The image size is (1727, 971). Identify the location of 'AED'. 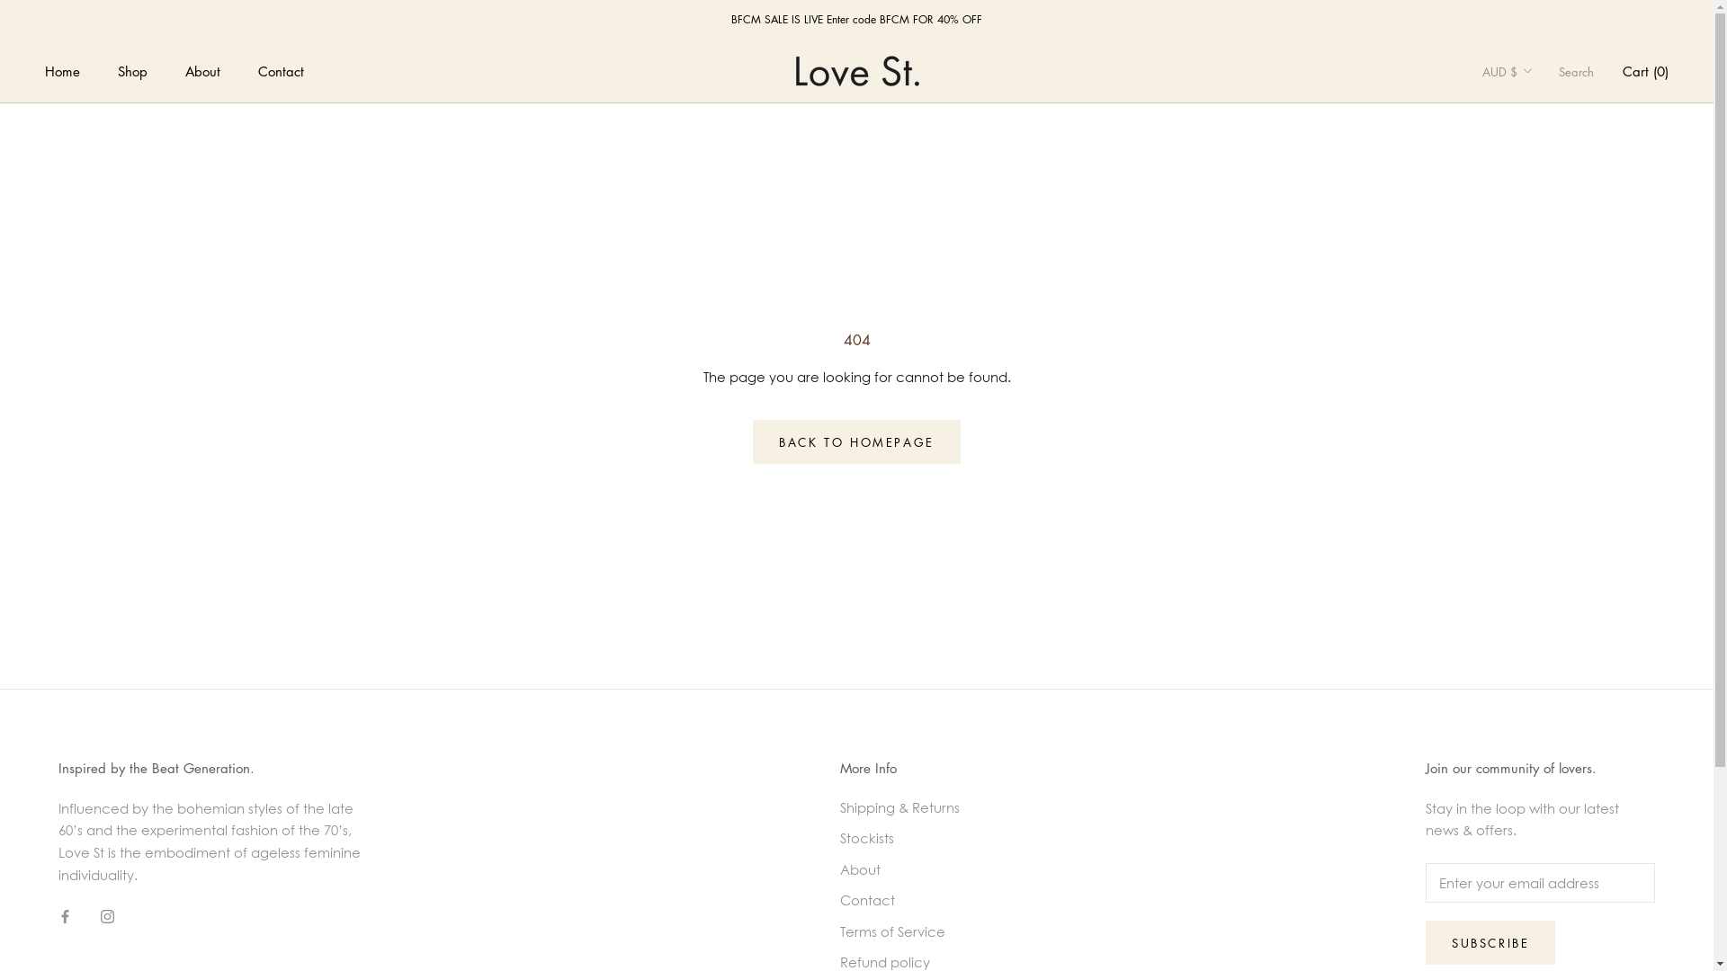
(1535, 112).